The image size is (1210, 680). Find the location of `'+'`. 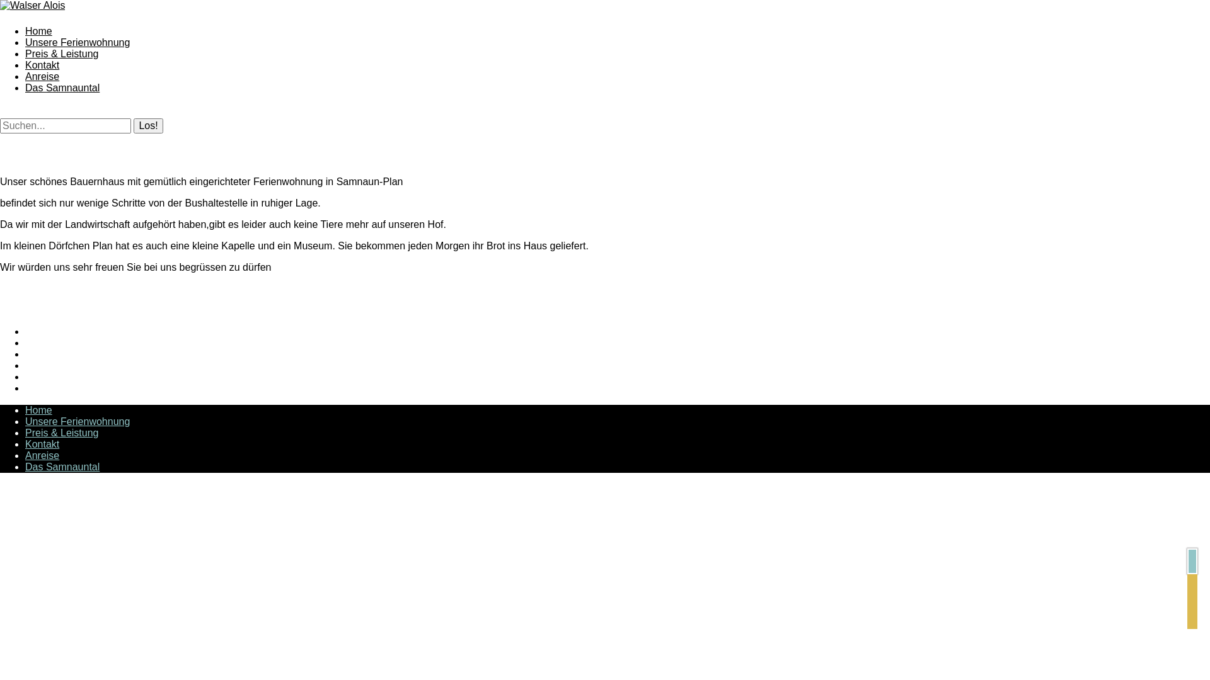

'+' is located at coordinates (1191, 560).